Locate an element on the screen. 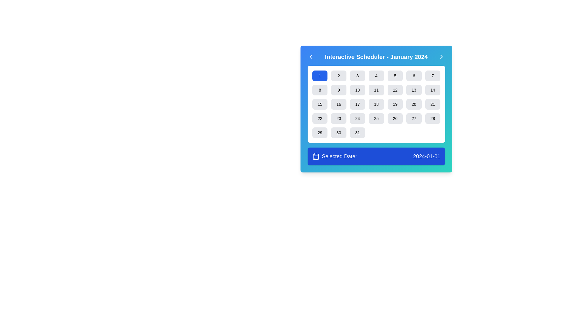  the calendar date button labeled '9', which is the second cell of the second row in the grid-like calendar layout is located at coordinates (339, 90).